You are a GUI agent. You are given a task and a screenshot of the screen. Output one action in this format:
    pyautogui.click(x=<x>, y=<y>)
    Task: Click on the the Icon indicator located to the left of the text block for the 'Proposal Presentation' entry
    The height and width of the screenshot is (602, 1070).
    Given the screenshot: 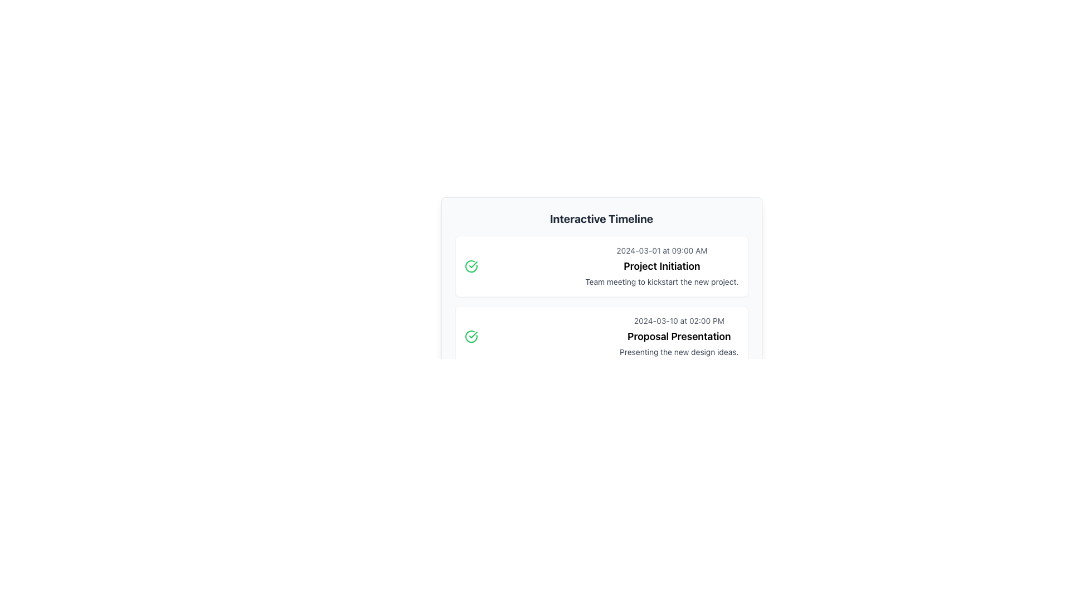 What is the action you would take?
    pyautogui.click(x=471, y=336)
    